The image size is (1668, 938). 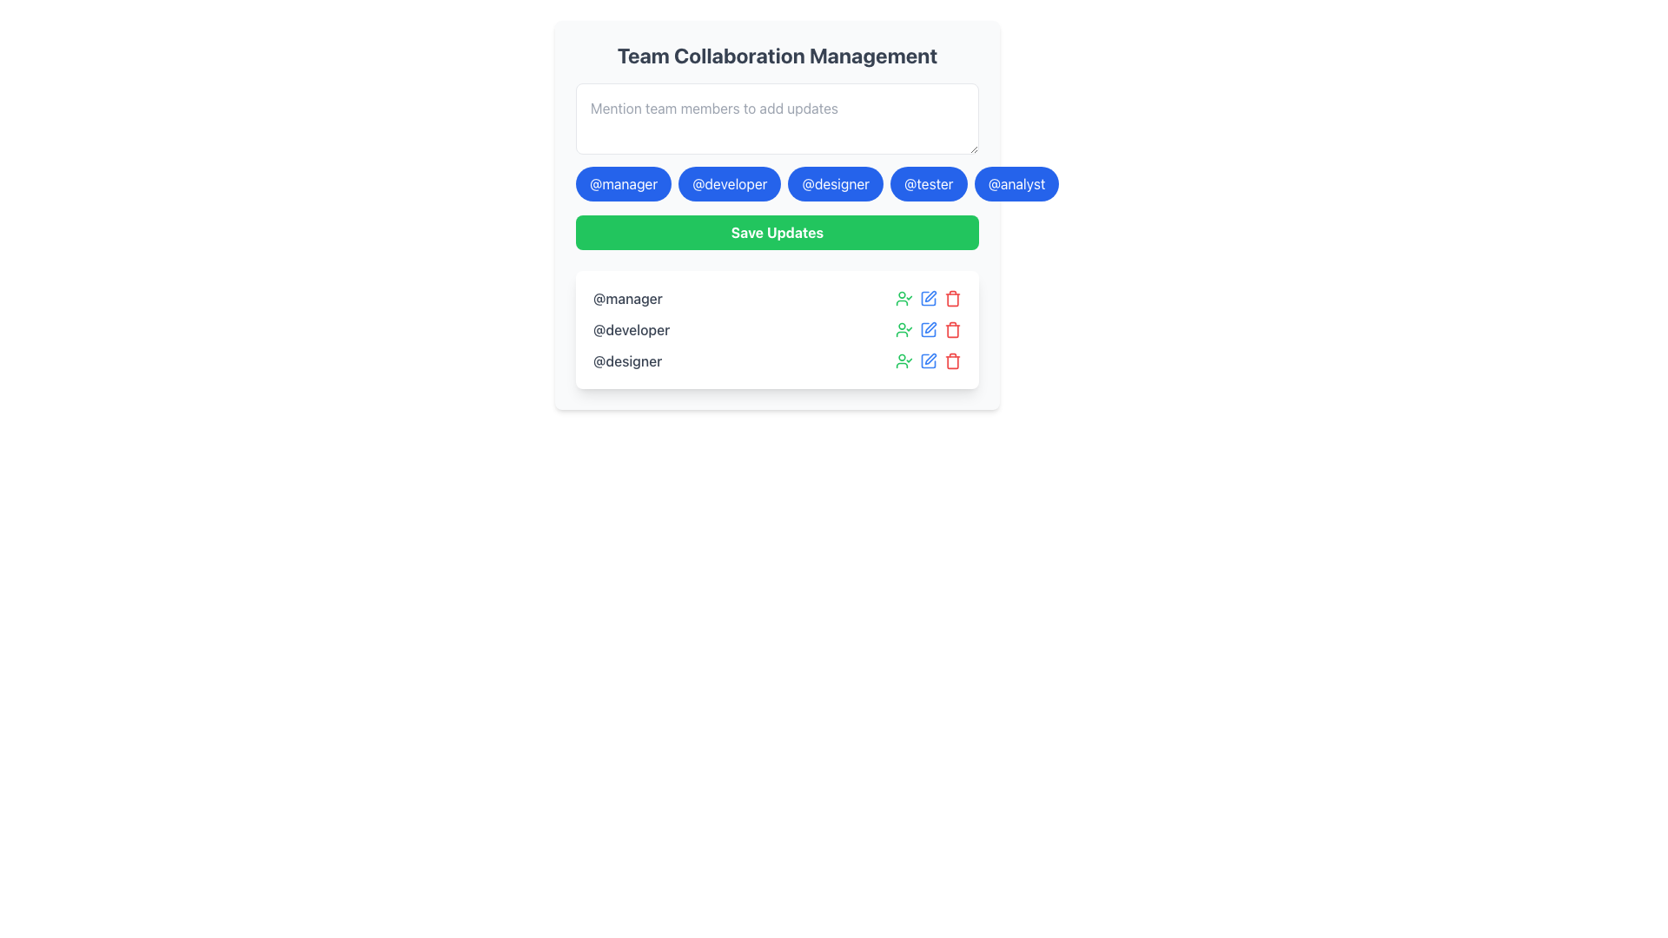 I want to click on the blue square button with a pen icon in the middle of three icons, so click(x=928, y=330).